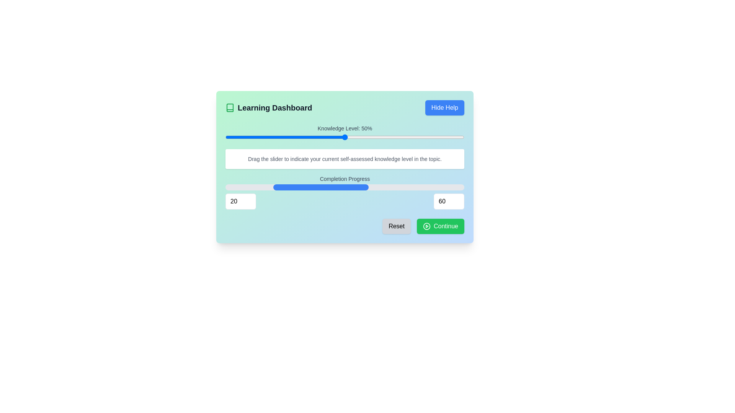 The height and width of the screenshot is (413, 735). What do you see at coordinates (280, 137) in the screenshot?
I see `the knowledge level` at bounding box center [280, 137].